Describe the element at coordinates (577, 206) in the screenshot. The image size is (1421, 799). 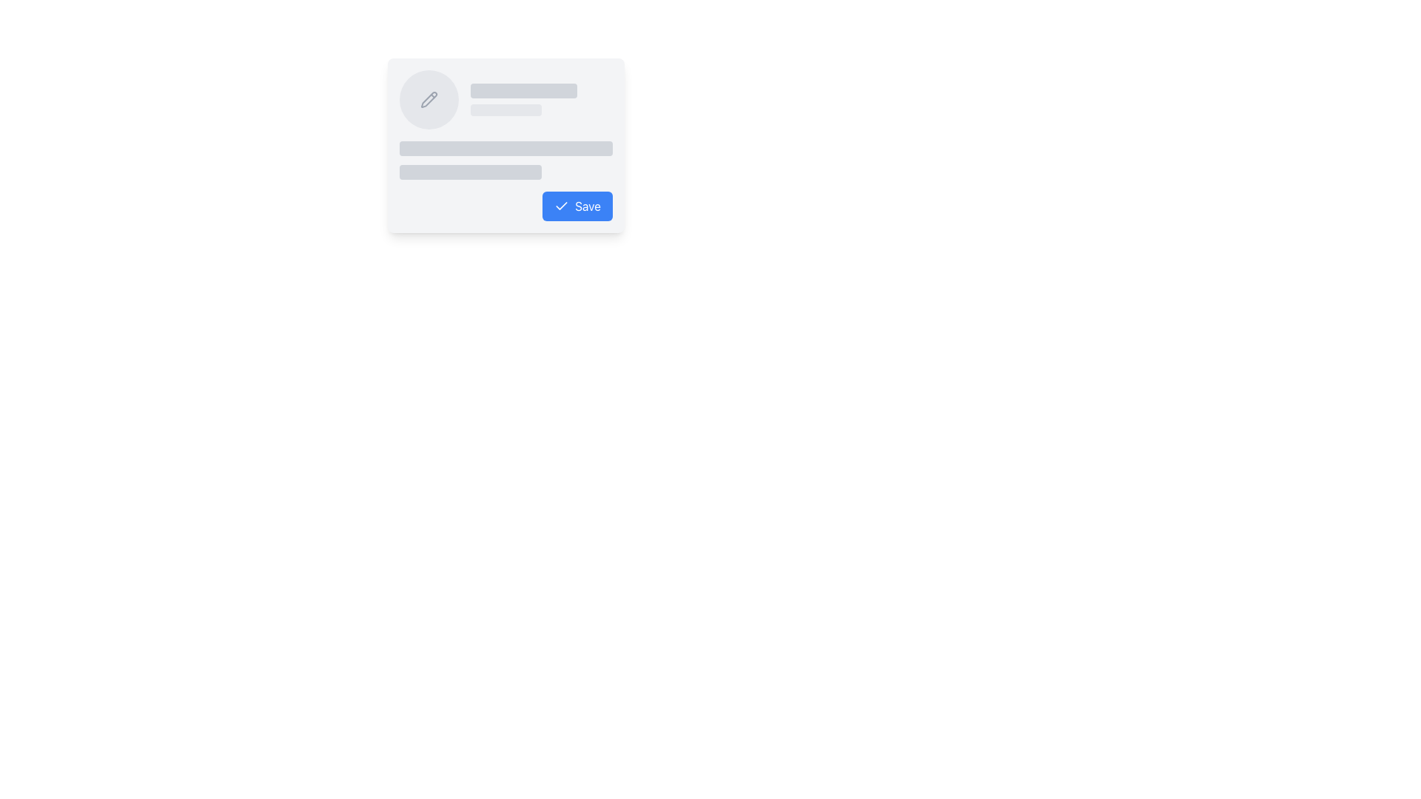
I see `the prominent save button located at the bottom-right corner of the card` at that location.